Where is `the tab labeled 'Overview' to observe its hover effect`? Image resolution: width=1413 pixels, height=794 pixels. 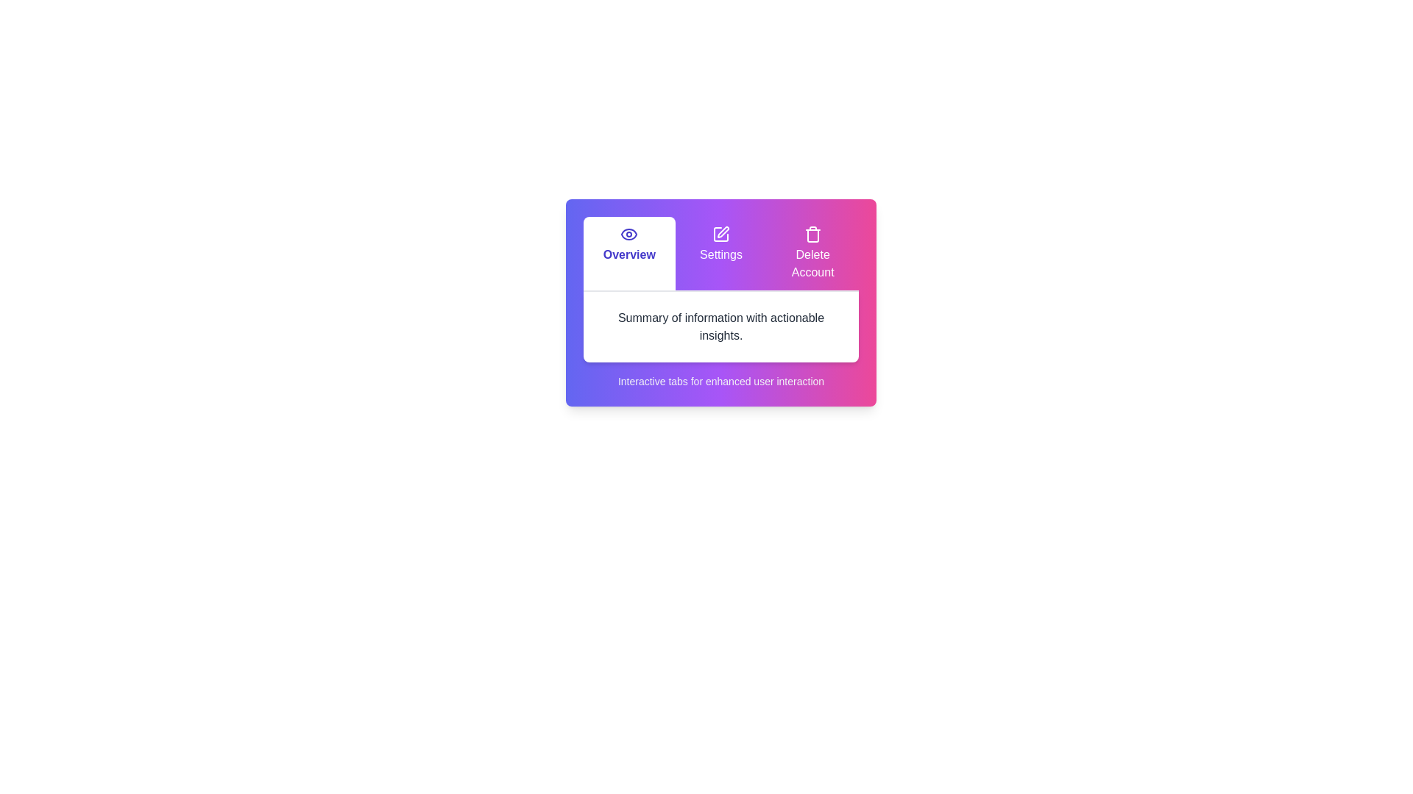 the tab labeled 'Overview' to observe its hover effect is located at coordinates (628, 252).